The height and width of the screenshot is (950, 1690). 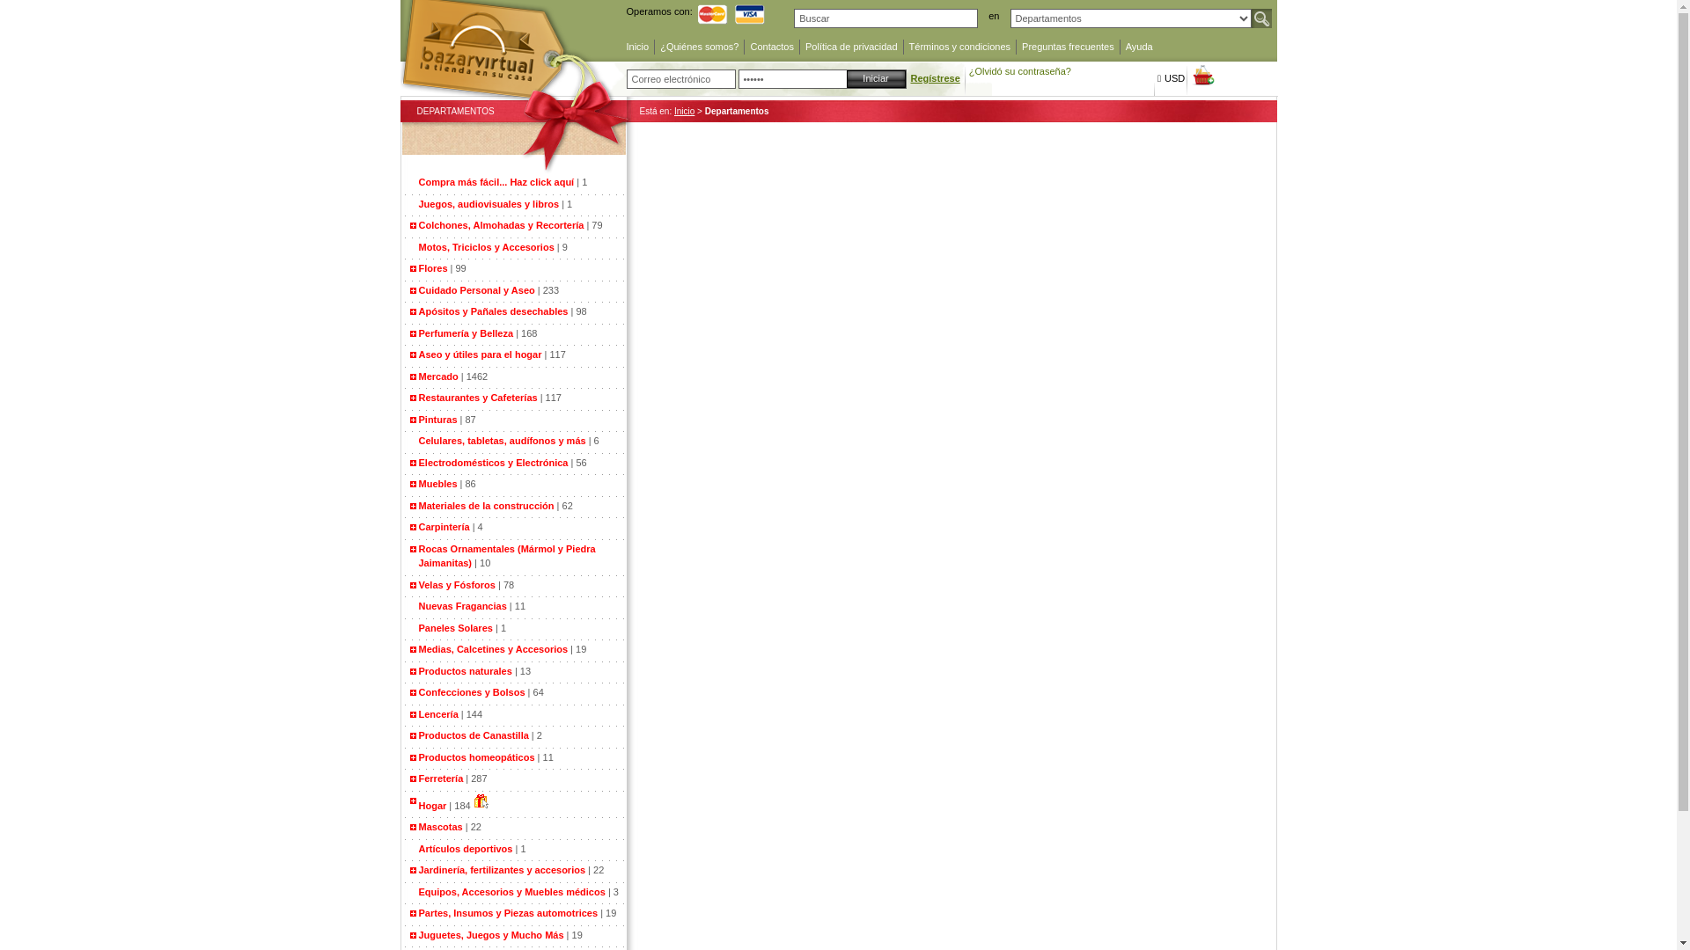 I want to click on 'Mercado', so click(x=438, y=376).